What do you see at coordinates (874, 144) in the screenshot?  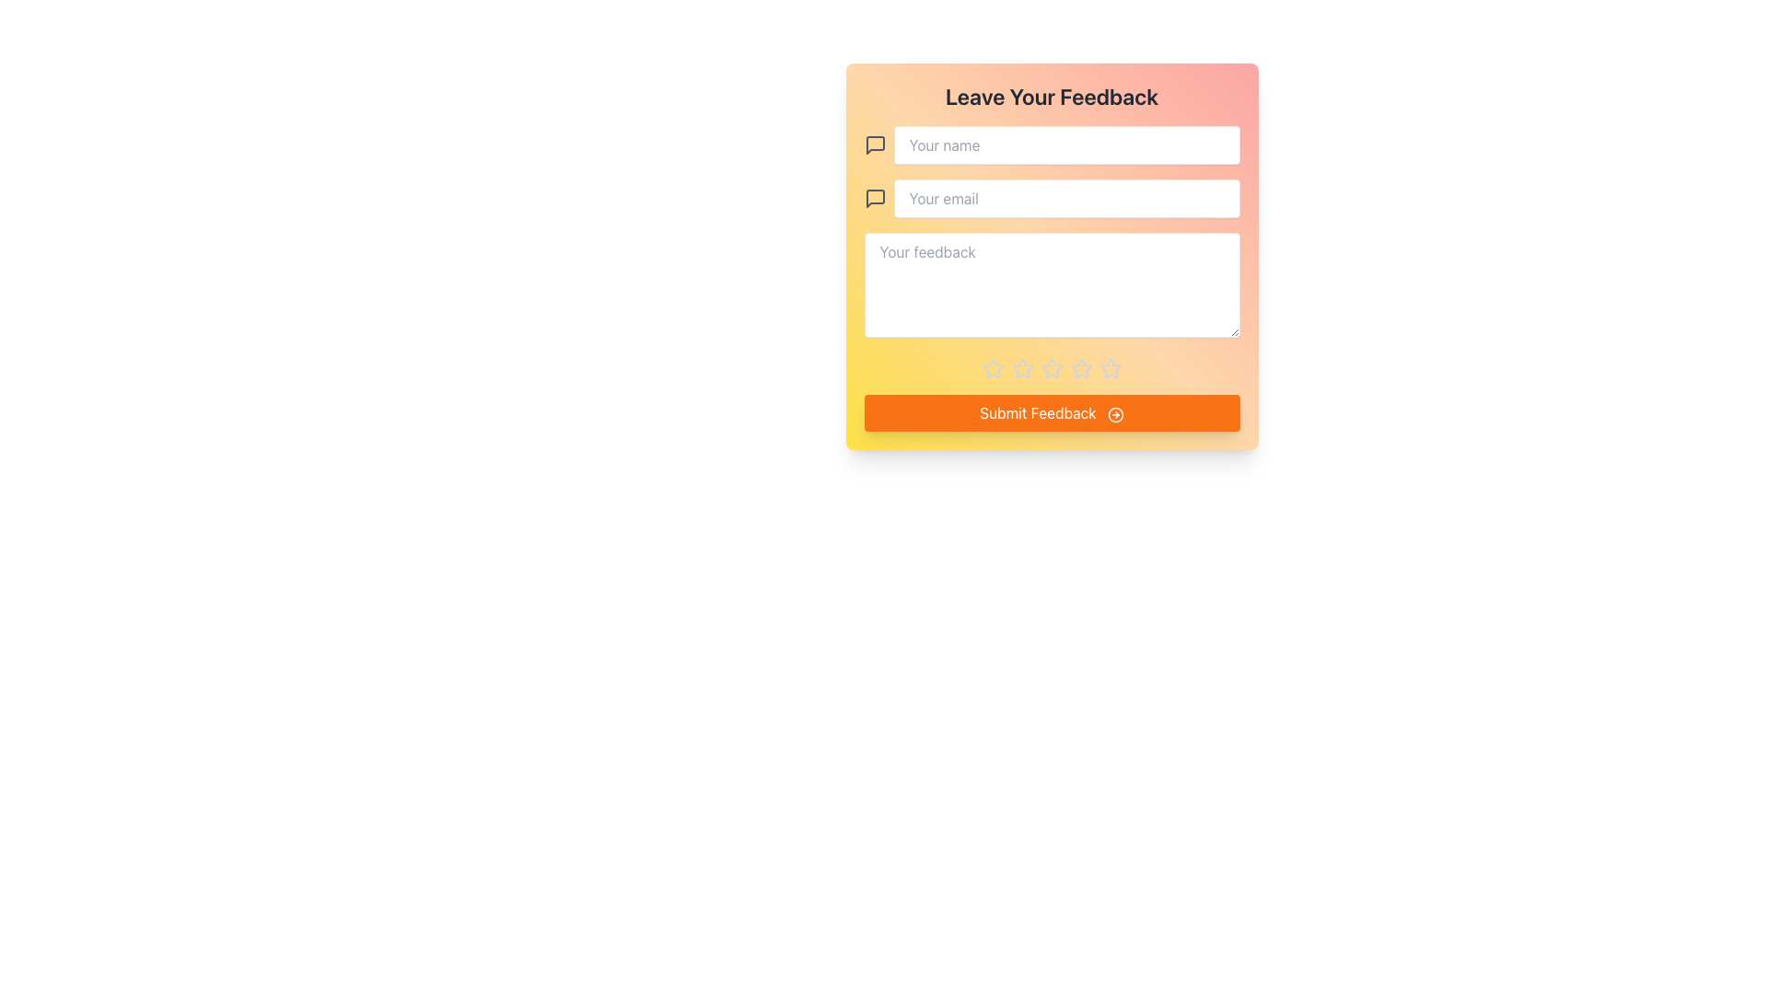 I see `the messaging-related icon located near the top left corner of the feedback form, adjacent to the 'Your email' input field and above the 'Your feedback' textbox` at bounding box center [874, 144].